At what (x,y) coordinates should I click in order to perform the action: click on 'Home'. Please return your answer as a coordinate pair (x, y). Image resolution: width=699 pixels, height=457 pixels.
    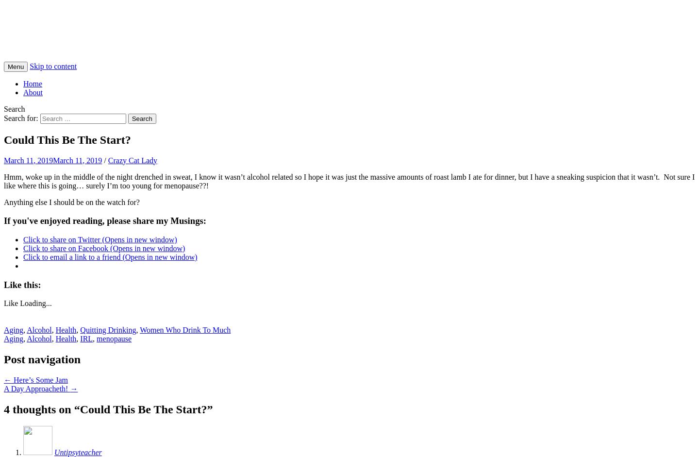
    Looking at the image, I should click on (22, 83).